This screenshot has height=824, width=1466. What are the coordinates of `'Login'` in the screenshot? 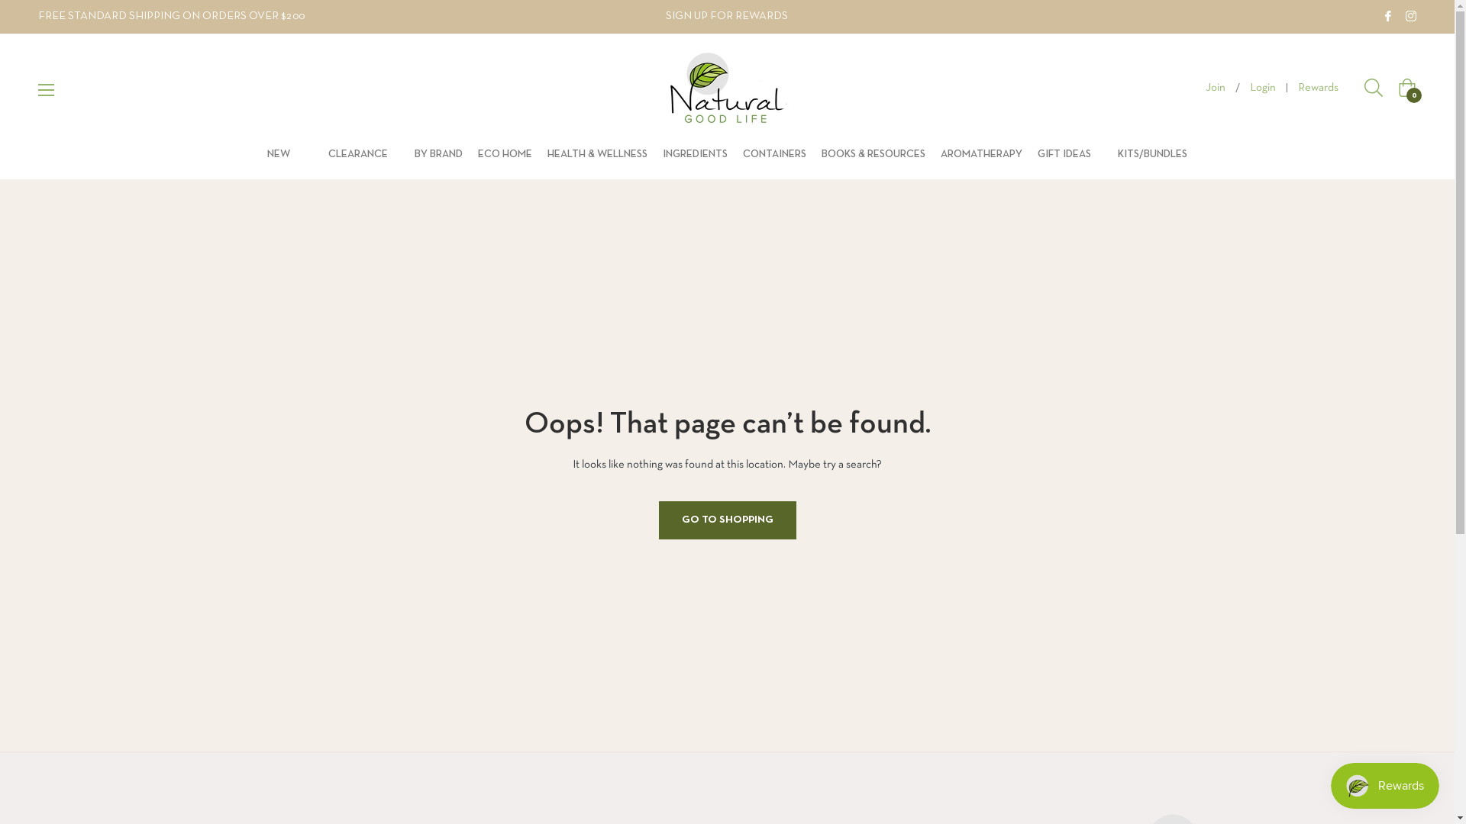 It's located at (1242, 88).